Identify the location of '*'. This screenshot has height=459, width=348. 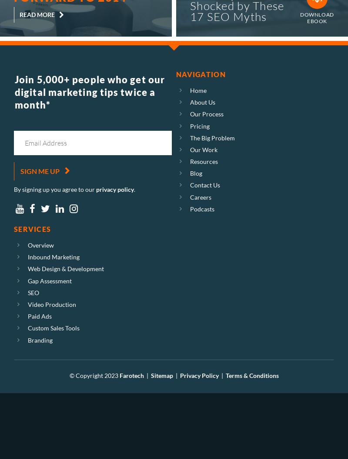
(47, 104).